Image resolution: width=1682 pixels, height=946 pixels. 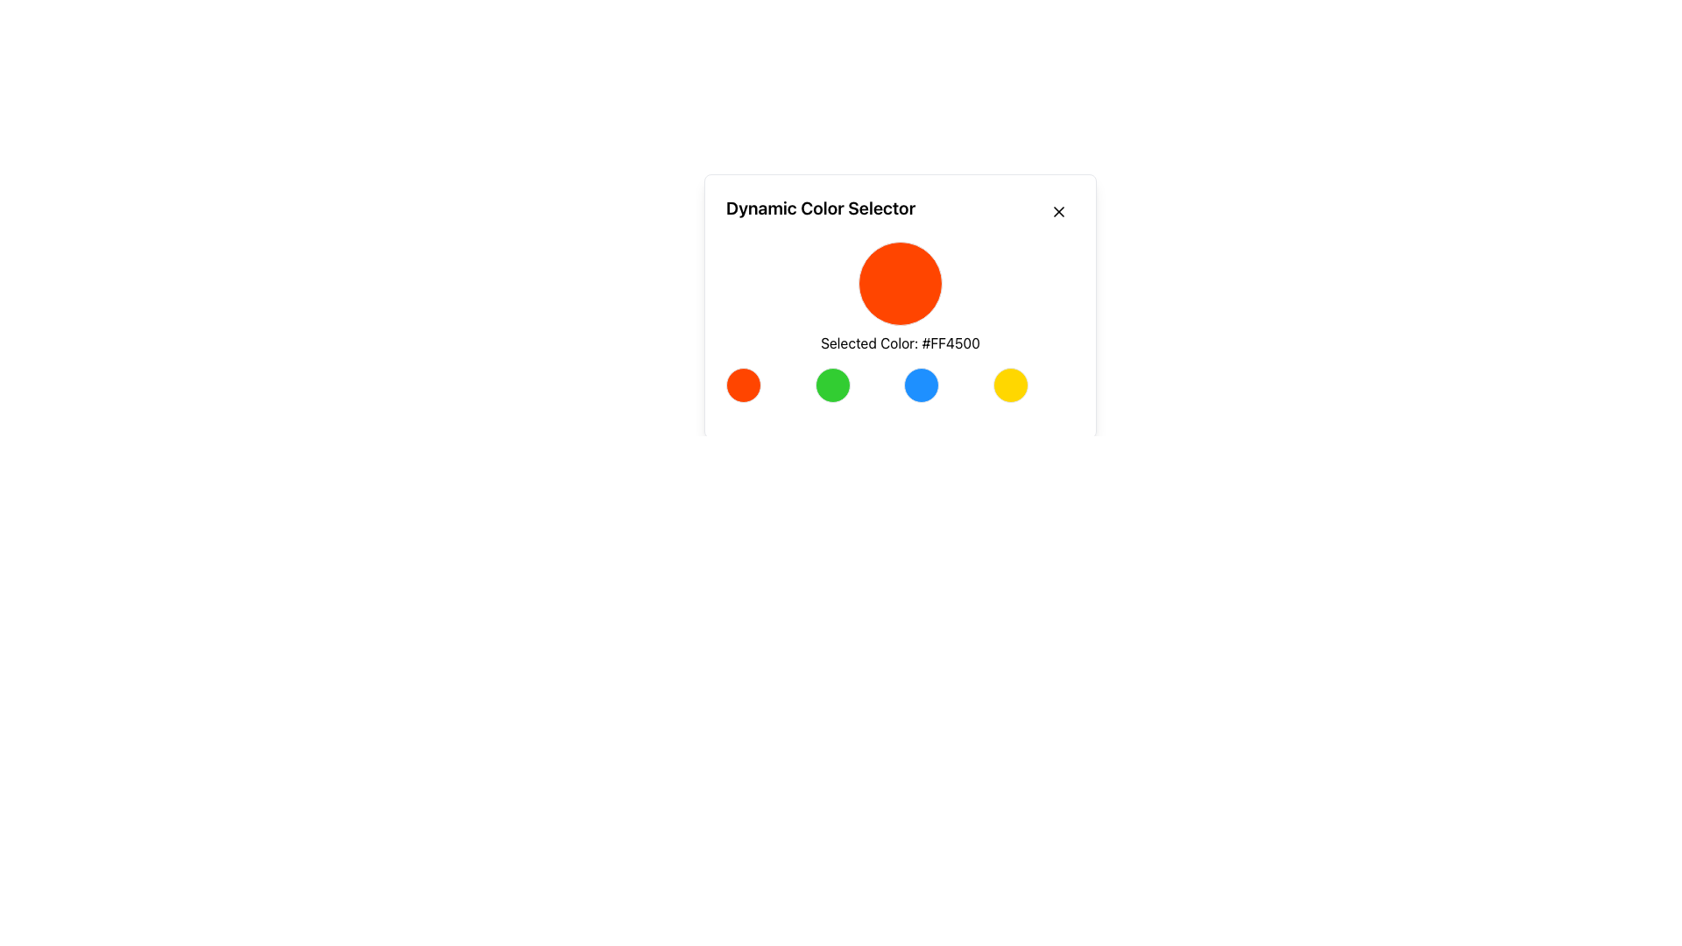 What do you see at coordinates (920, 384) in the screenshot?
I see `the third circular blue button under the 'Dynamic Color Selector'` at bounding box center [920, 384].